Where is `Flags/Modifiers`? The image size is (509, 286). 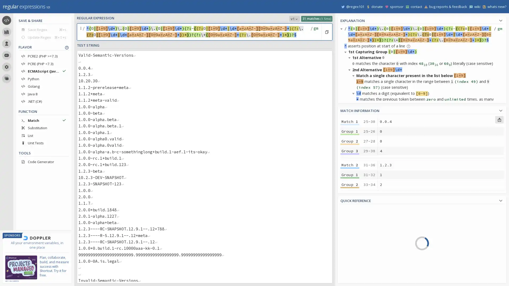 Flags/Modifiers is located at coordinates (365, 280).